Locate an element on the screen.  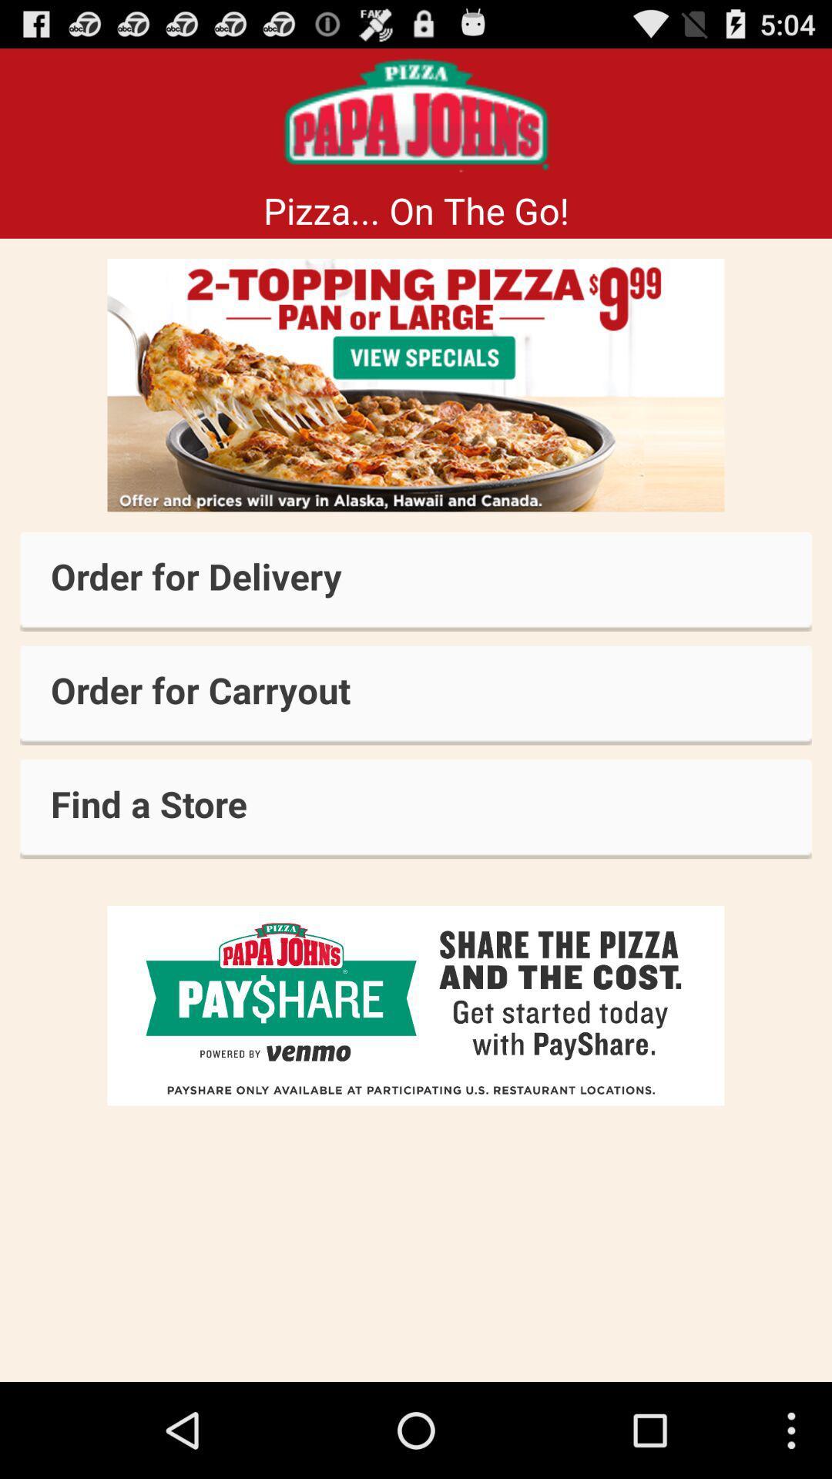
the item above order for delivery item is located at coordinates (416, 385).